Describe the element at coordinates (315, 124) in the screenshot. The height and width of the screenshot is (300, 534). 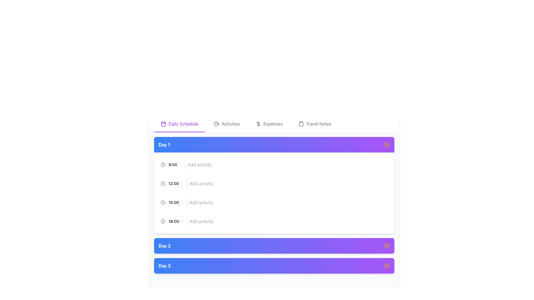
I see `the fourth navigation link in the list to transition to the 'Travel Notes' section` at that location.